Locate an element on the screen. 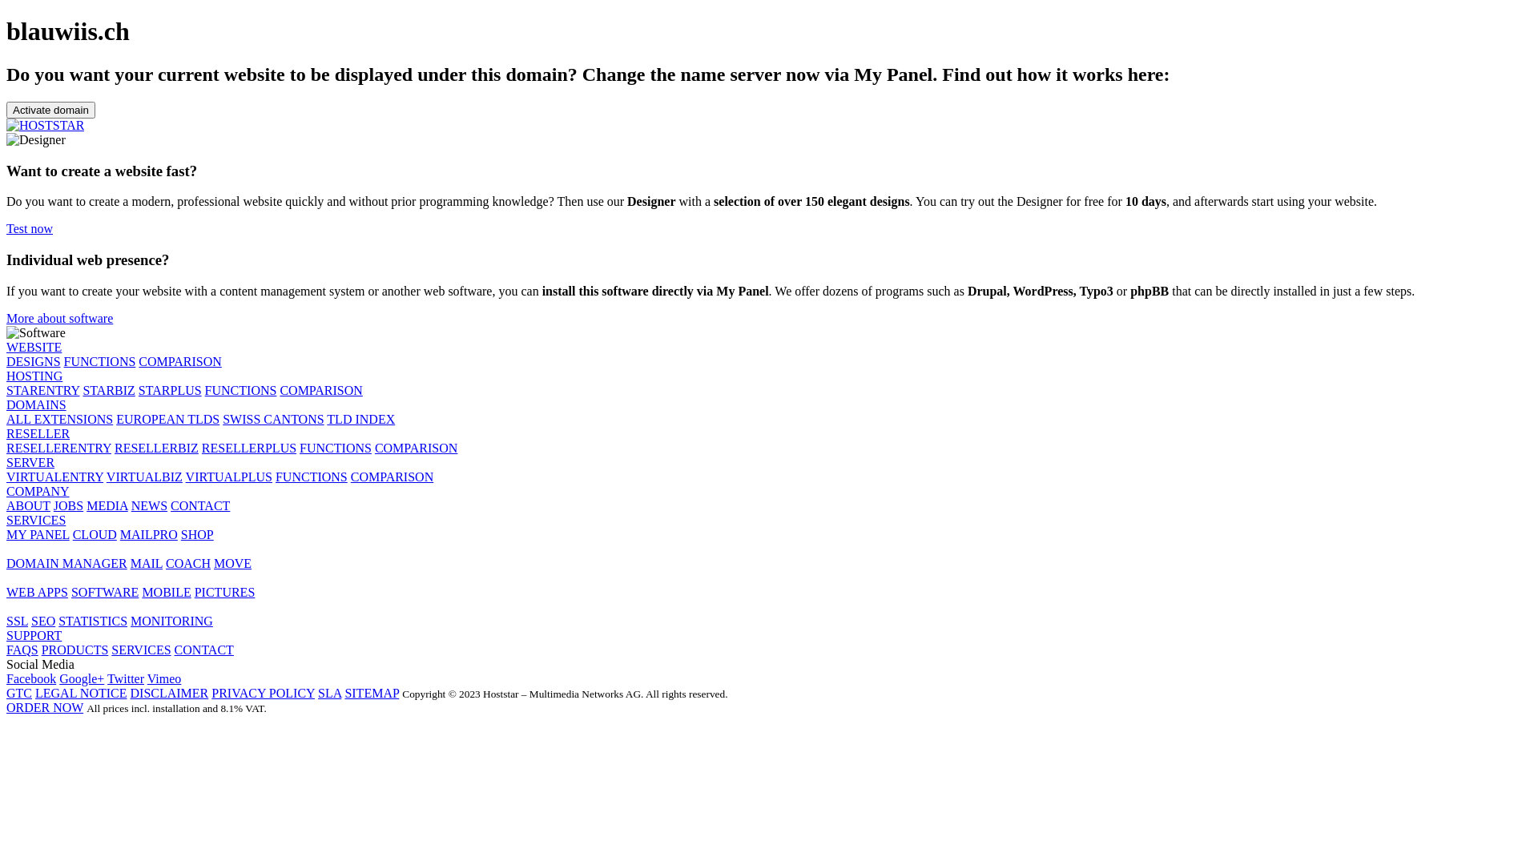 This screenshot has height=865, width=1538. 'More about software' is located at coordinates (59, 318).